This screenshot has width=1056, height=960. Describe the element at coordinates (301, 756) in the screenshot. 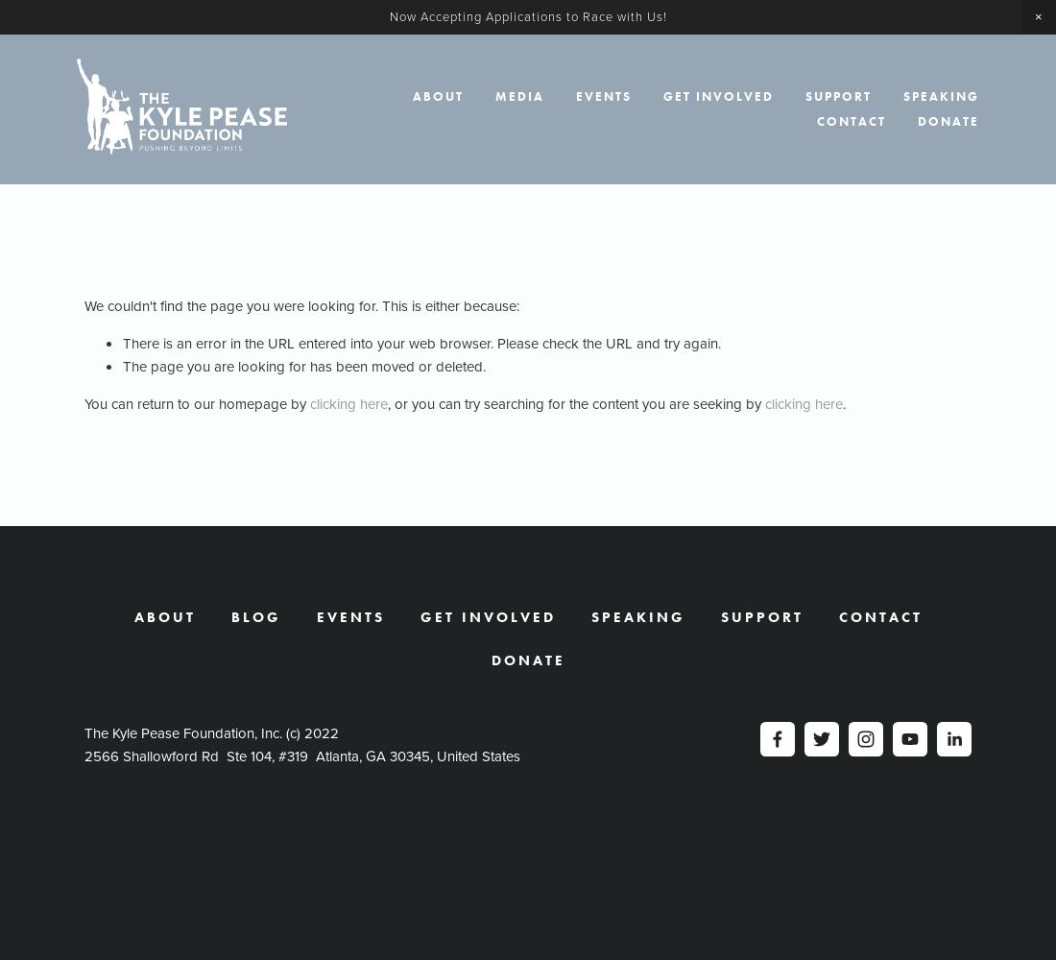

I see `'2566 Shallowford Rd  Ste 104, #319  Atlanta, GA 30345, United States'` at that location.